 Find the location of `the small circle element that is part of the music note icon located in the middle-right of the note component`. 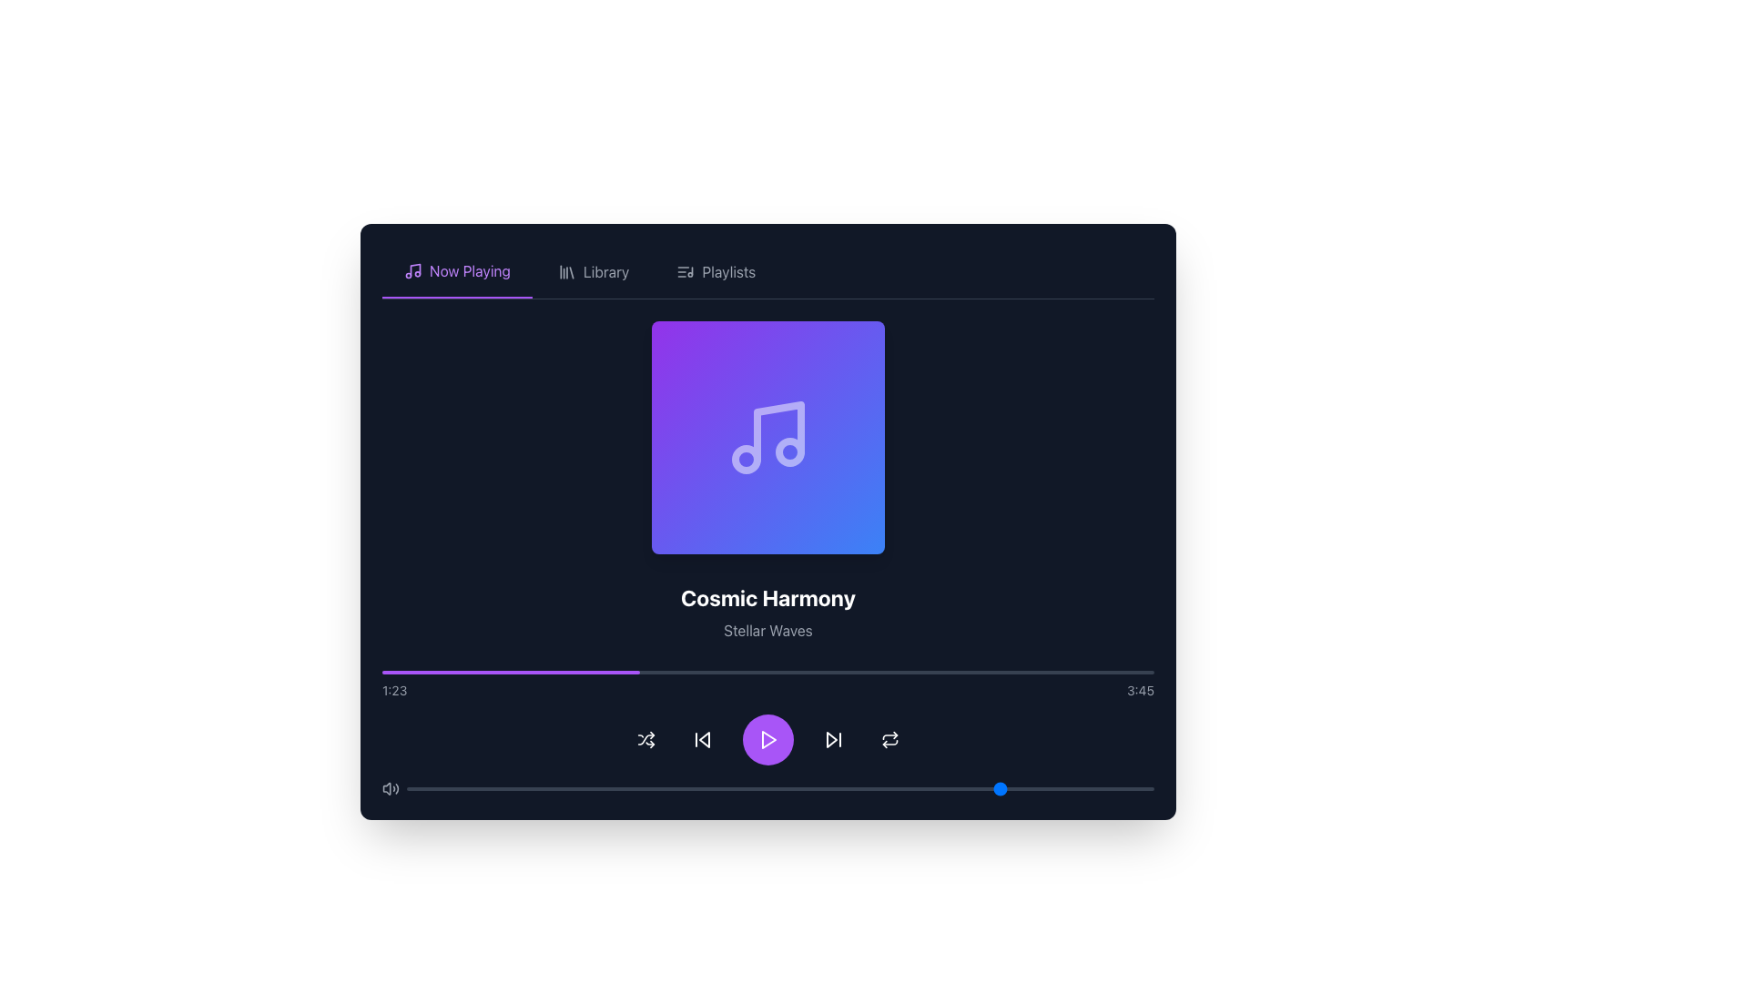

the small circle element that is part of the music note icon located in the middle-right of the note component is located at coordinates (790, 451).